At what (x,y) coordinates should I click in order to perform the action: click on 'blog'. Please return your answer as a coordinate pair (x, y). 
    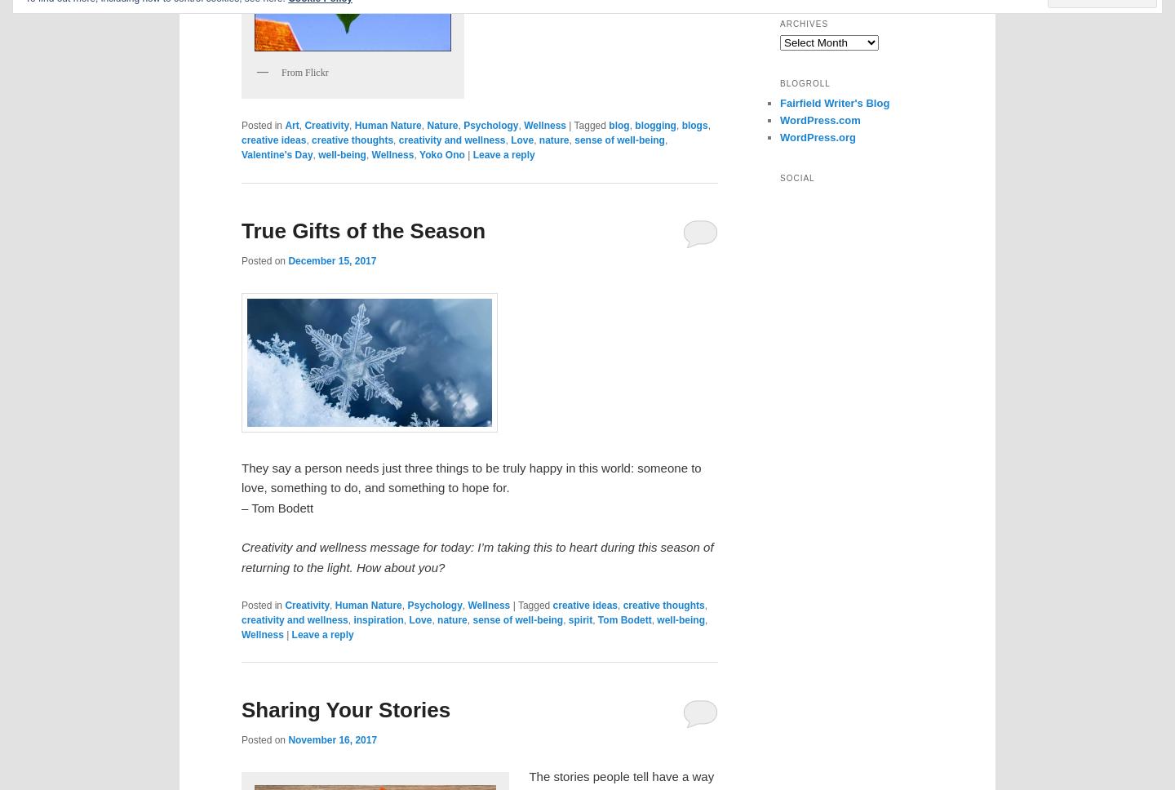
    Looking at the image, I should click on (608, 125).